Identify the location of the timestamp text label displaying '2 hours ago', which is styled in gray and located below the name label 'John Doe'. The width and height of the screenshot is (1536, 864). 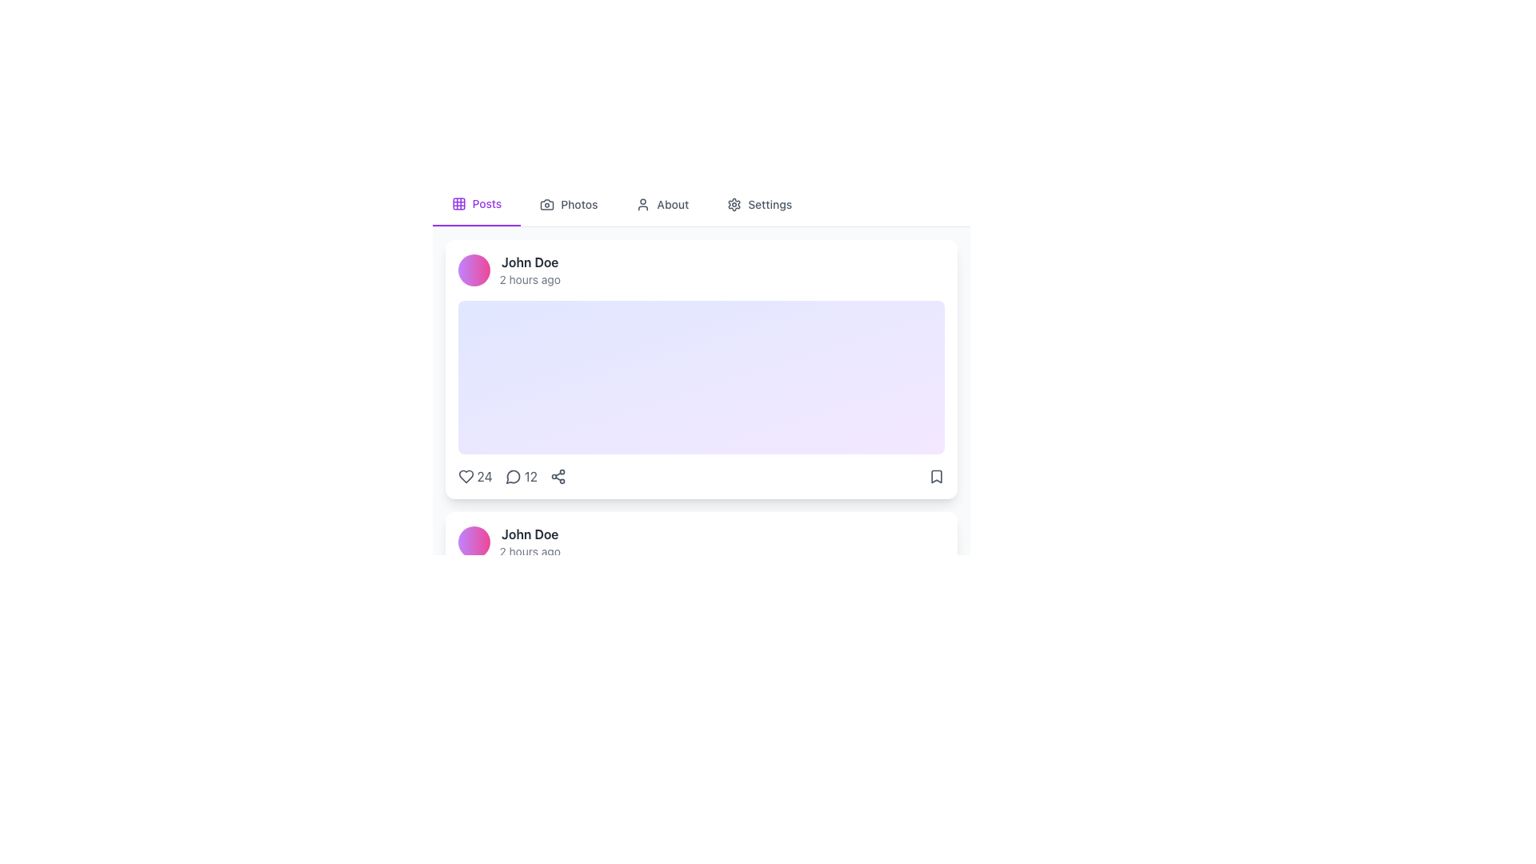
(530, 551).